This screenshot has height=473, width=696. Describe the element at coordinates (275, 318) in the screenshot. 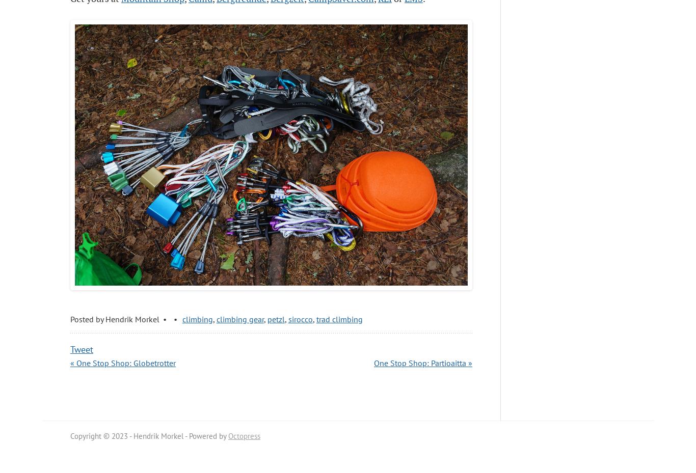

I see `'petzl'` at that location.